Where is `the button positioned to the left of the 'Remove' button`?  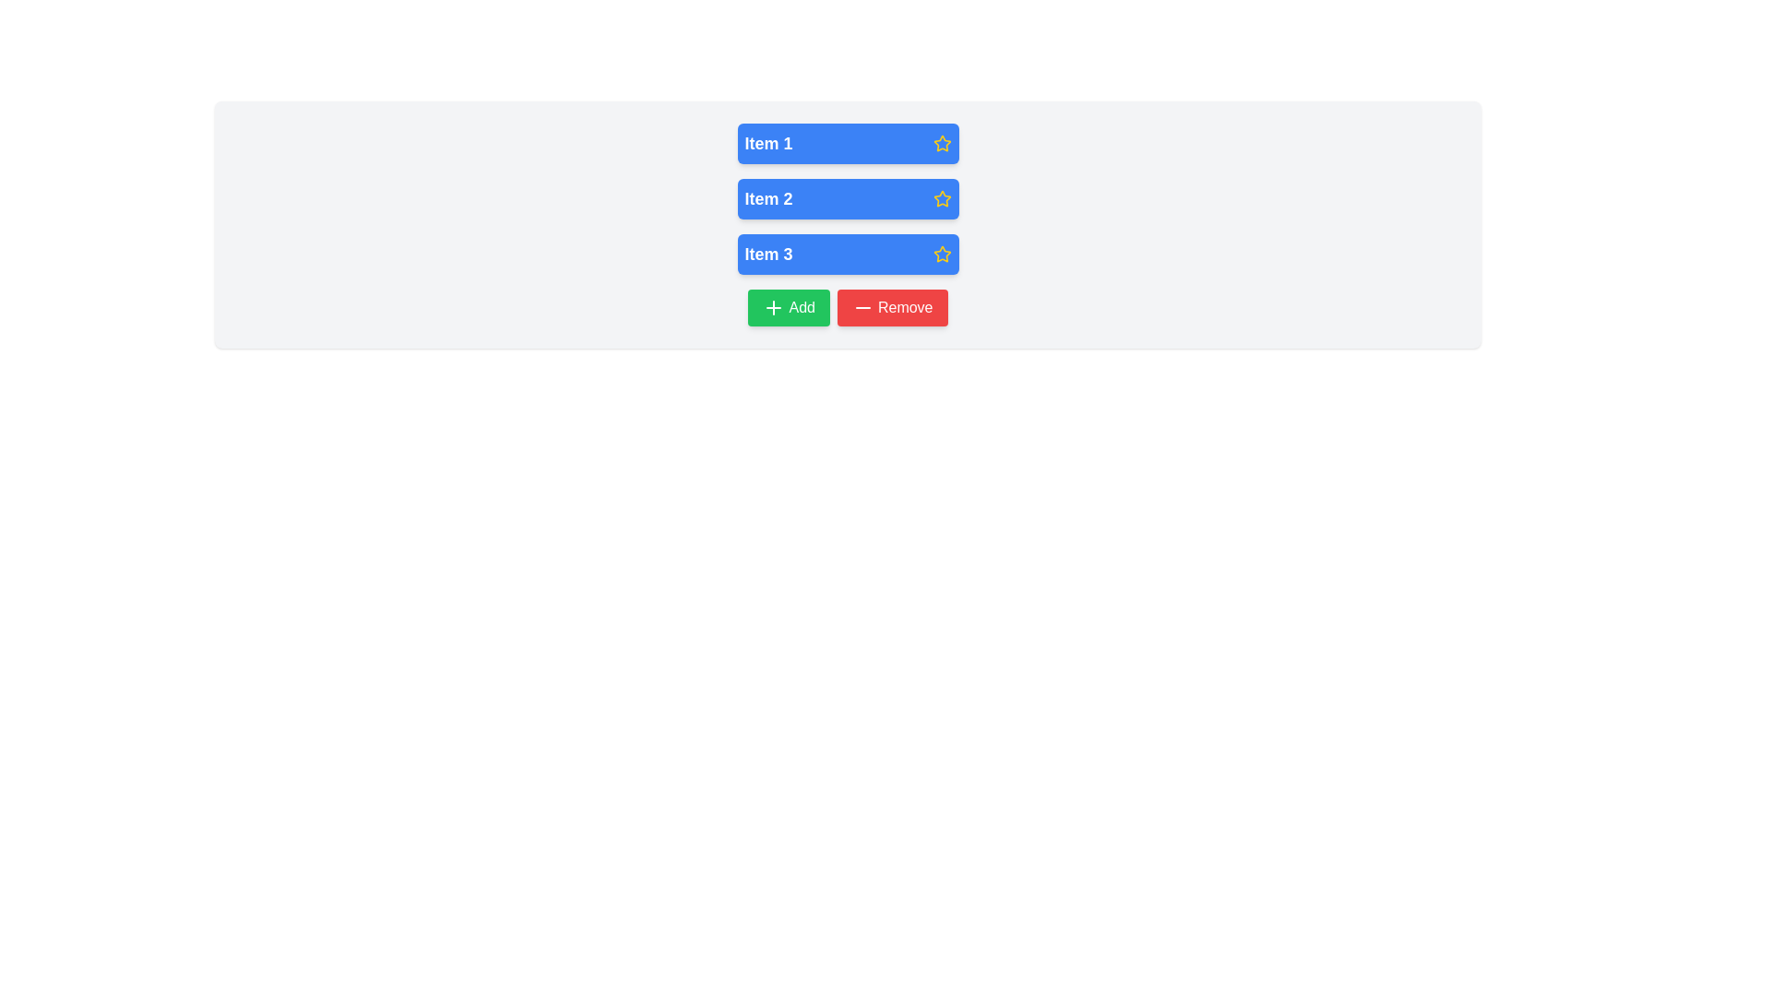
the button positioned to the left of the 'Remove' button is located at coordinates (789, 307).